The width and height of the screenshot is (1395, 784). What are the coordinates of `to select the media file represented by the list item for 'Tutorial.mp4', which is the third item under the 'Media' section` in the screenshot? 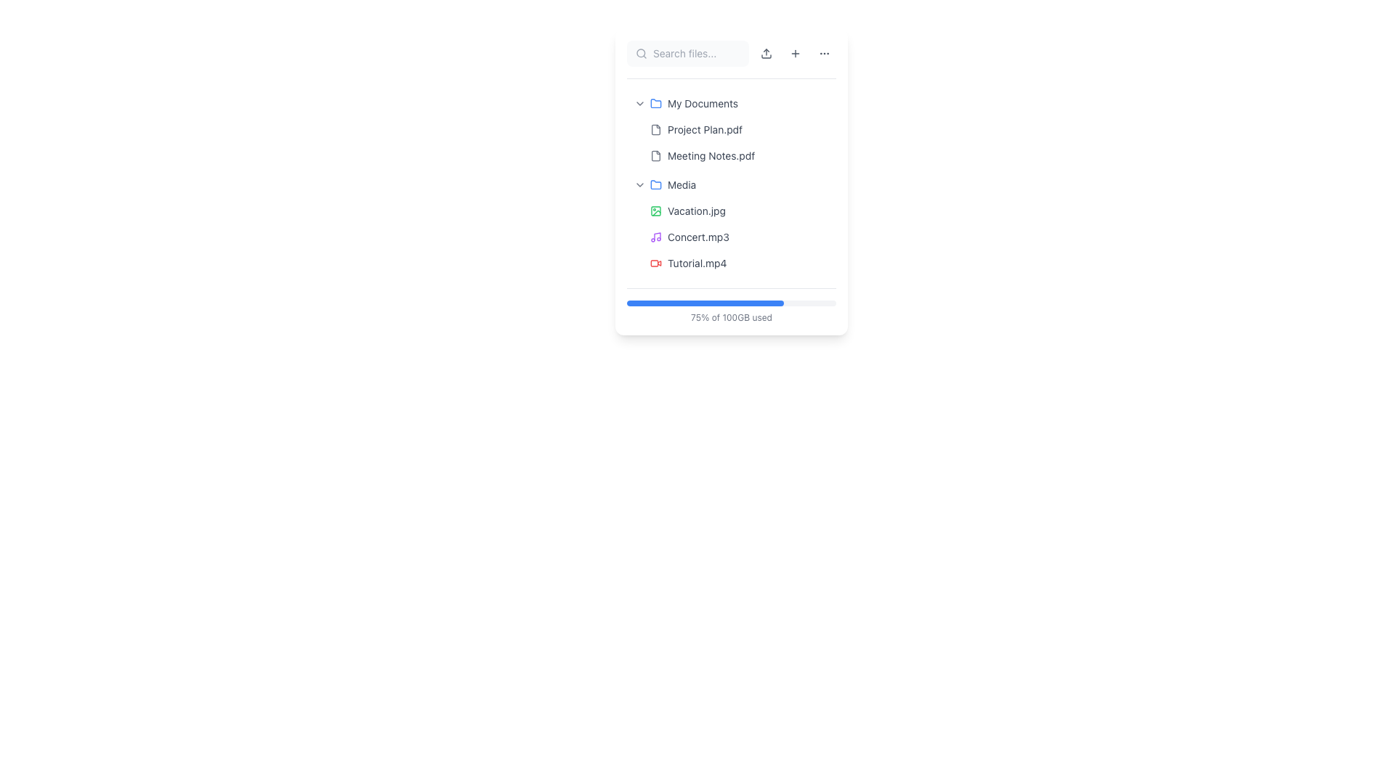 It's located at (740, 263).